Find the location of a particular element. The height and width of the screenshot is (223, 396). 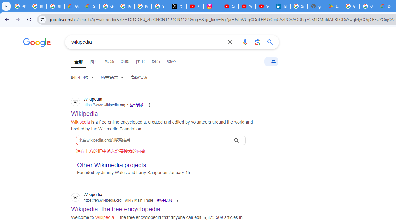

' Wikipedia Wikipedia https://www.wikipedia.org' is located at coordinates (84, 112).